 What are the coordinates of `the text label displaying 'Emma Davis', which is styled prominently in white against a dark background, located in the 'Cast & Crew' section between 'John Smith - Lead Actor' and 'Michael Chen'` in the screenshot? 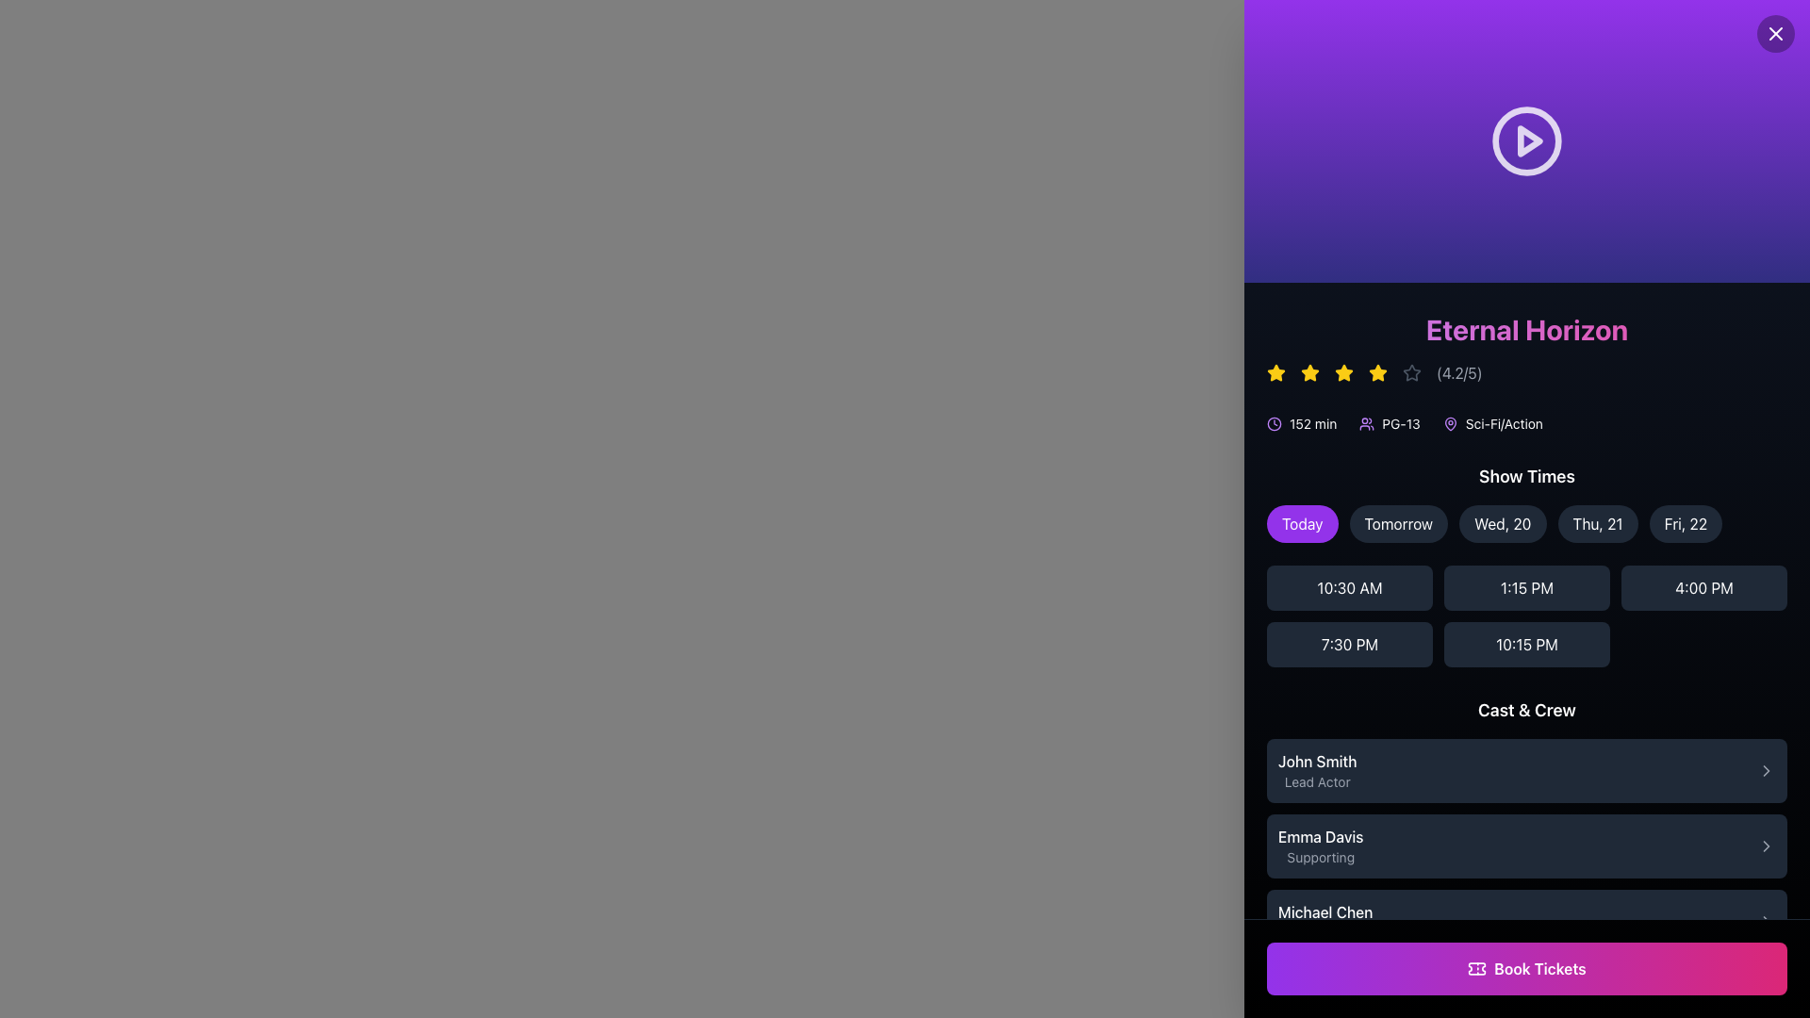 It's located at (1320, 835).